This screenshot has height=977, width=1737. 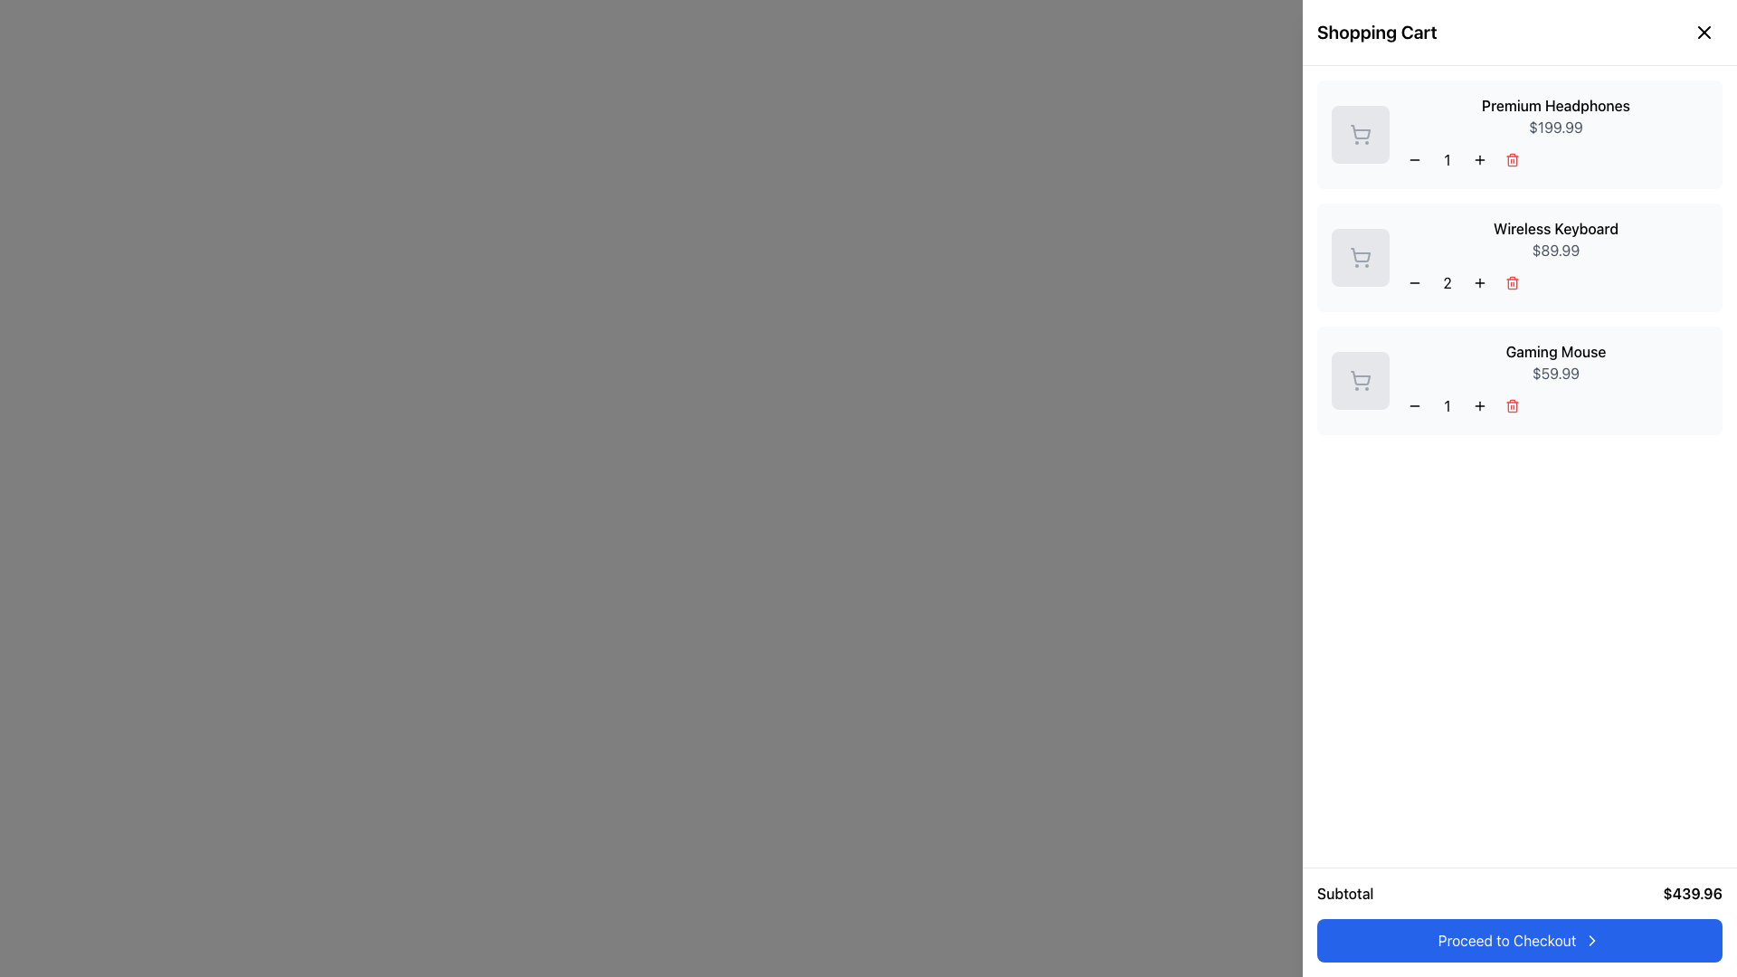 What do you see at coordinates (1512, 282) in the screenshot?
I see `the second trash icon` at bounding box center [1512, 282].